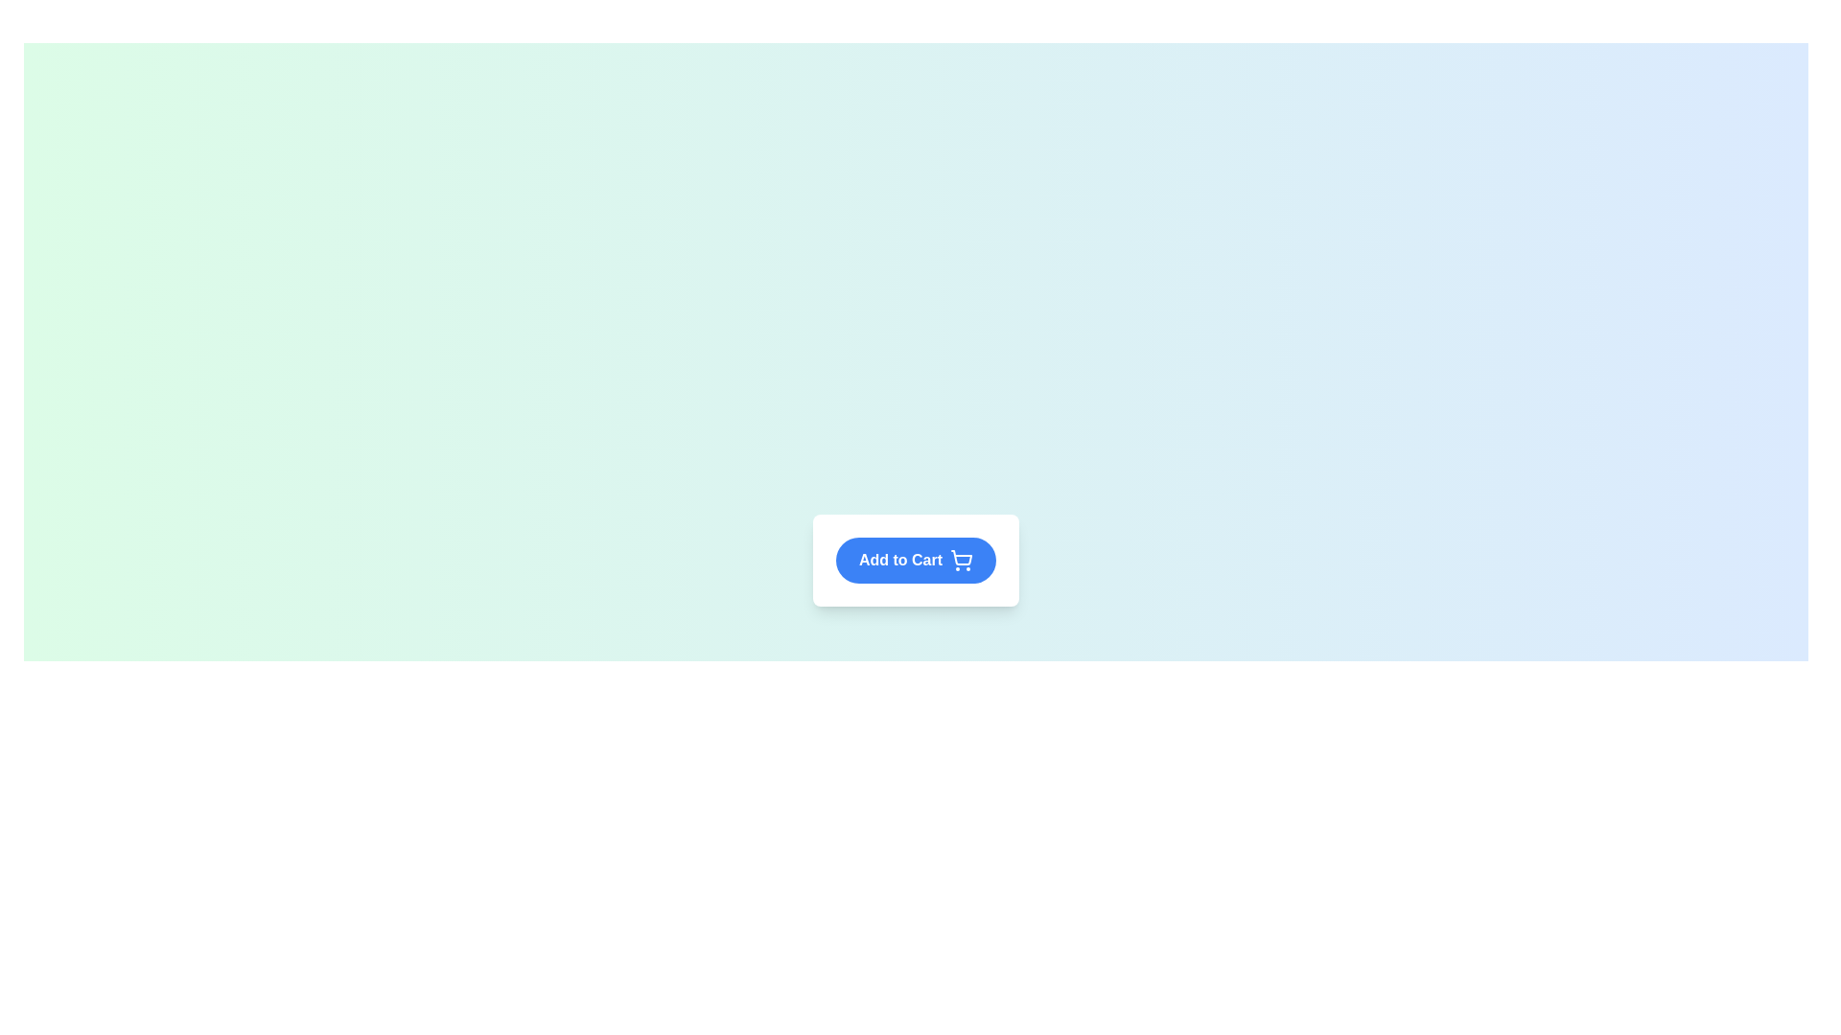 The height and width of the screenshot is (1035, 1841). Describe the element at coordinates (915, 561) in the screenshot. I see `the 'Add to Cart' button with a blue background and white text for keyboard interaction` at that location.